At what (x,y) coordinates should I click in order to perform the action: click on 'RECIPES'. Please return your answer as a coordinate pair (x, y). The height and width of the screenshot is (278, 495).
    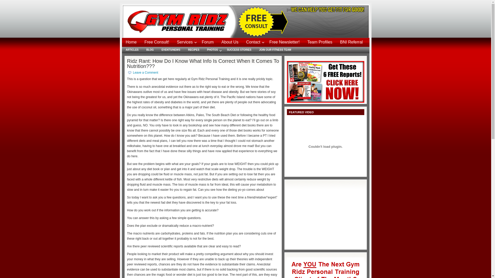
    Looking at the image, I should click on (184, 50).